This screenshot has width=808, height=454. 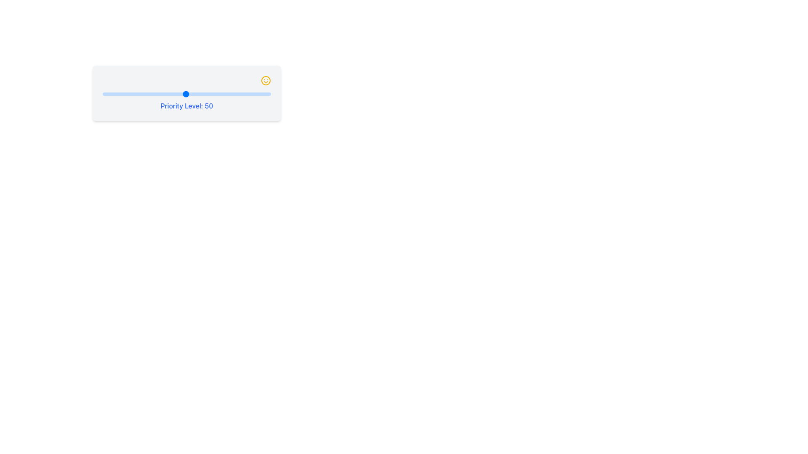 I want to click on the priority level, so click(x=111, y=94).